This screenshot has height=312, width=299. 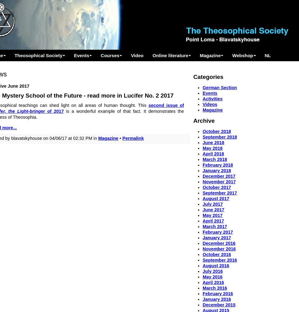 What do you see at coordinates (216, 131) in the screenshot?
I see `'October 2018'` at bounding box center [216, 131].